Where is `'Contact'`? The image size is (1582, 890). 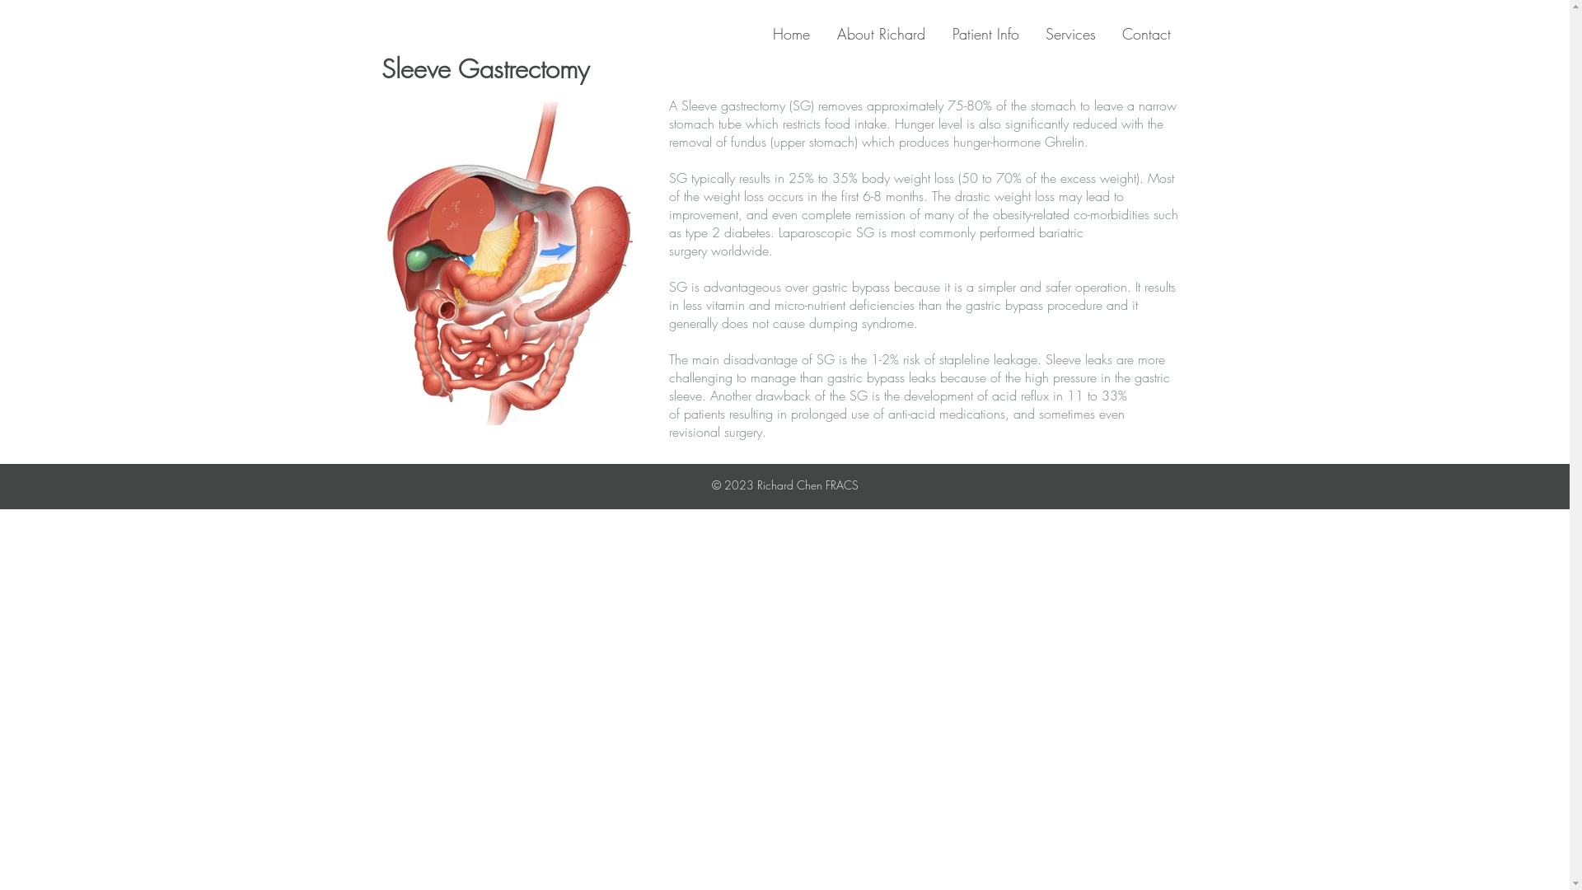
'Contact' is located at coordinates (1150, 34).